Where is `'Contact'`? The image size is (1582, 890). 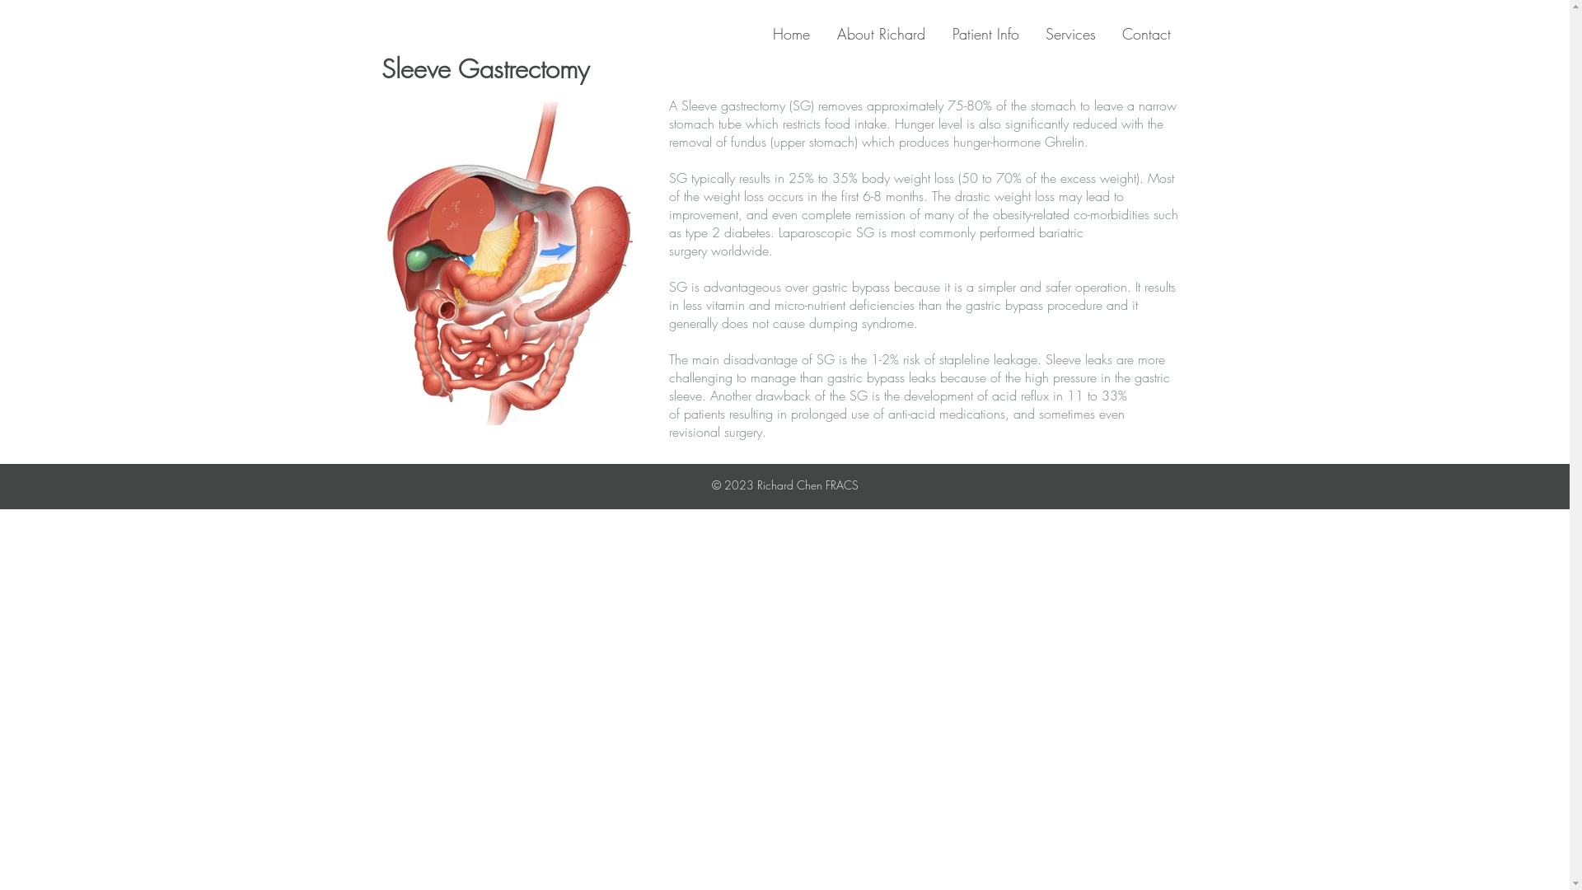
'Contact' is located at coordinates (1150, 34).